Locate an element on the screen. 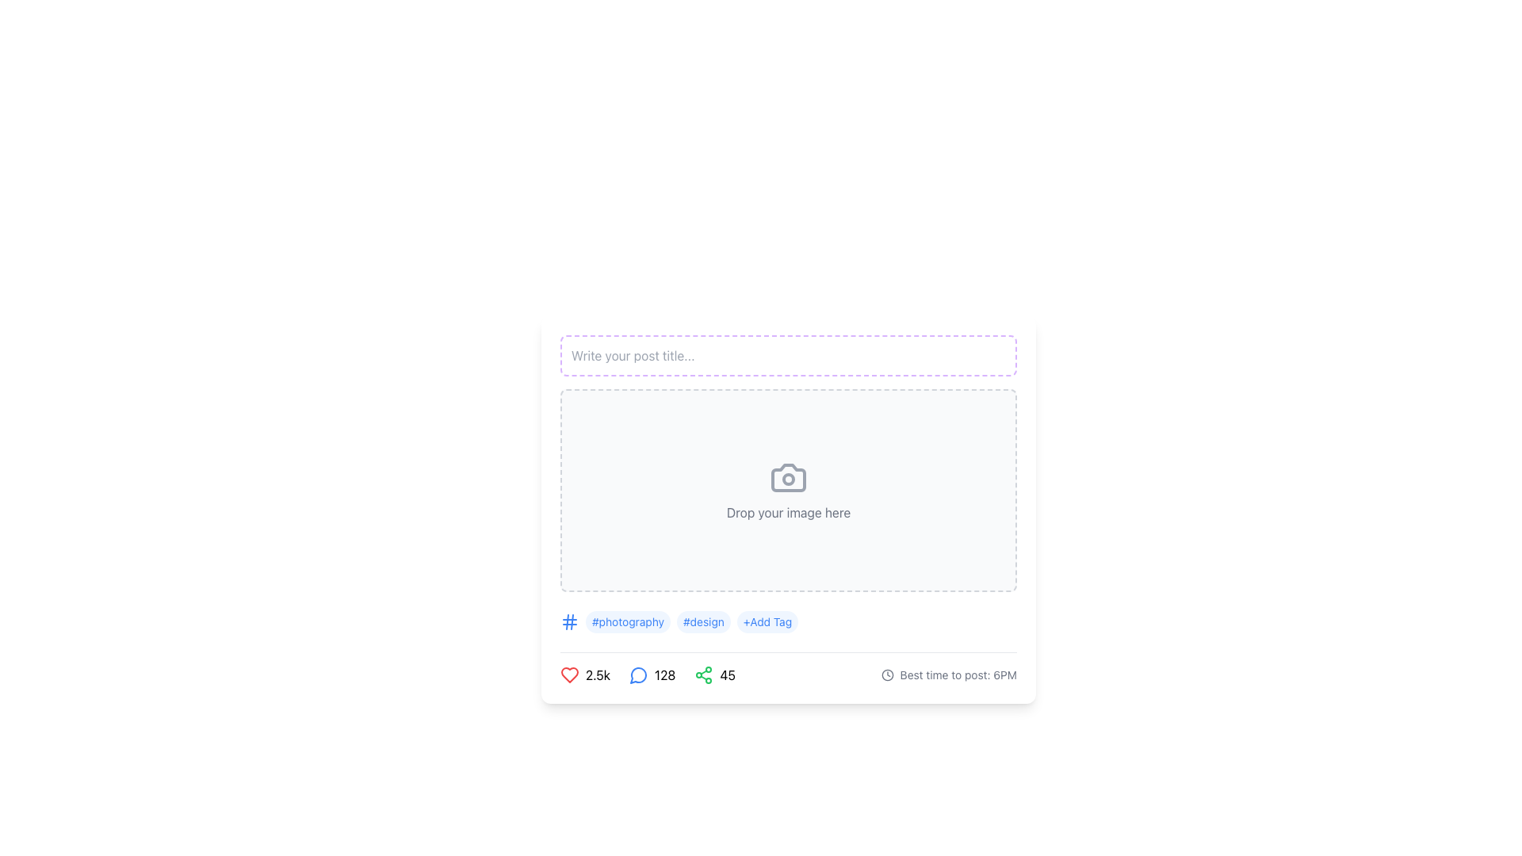 Image resolution: width=1522 pixels, height=856 pixels. the share icon located in the lower section of the interface, adjacent to the numeric indicator '45' is located at coordinates (703, 675).